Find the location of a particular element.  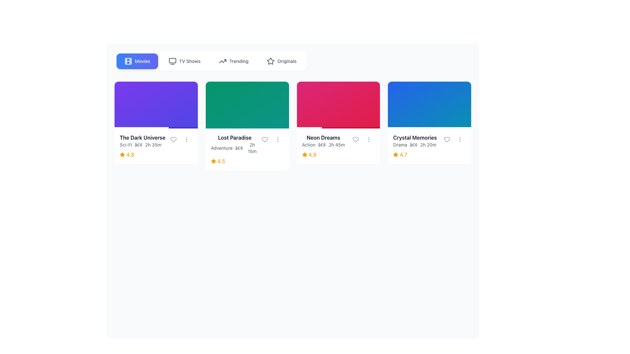

the percentage completion of the progress bar located at the bottom of the card titled 'The Dark Universe' with a purple background is located at coordinates (156, 128).